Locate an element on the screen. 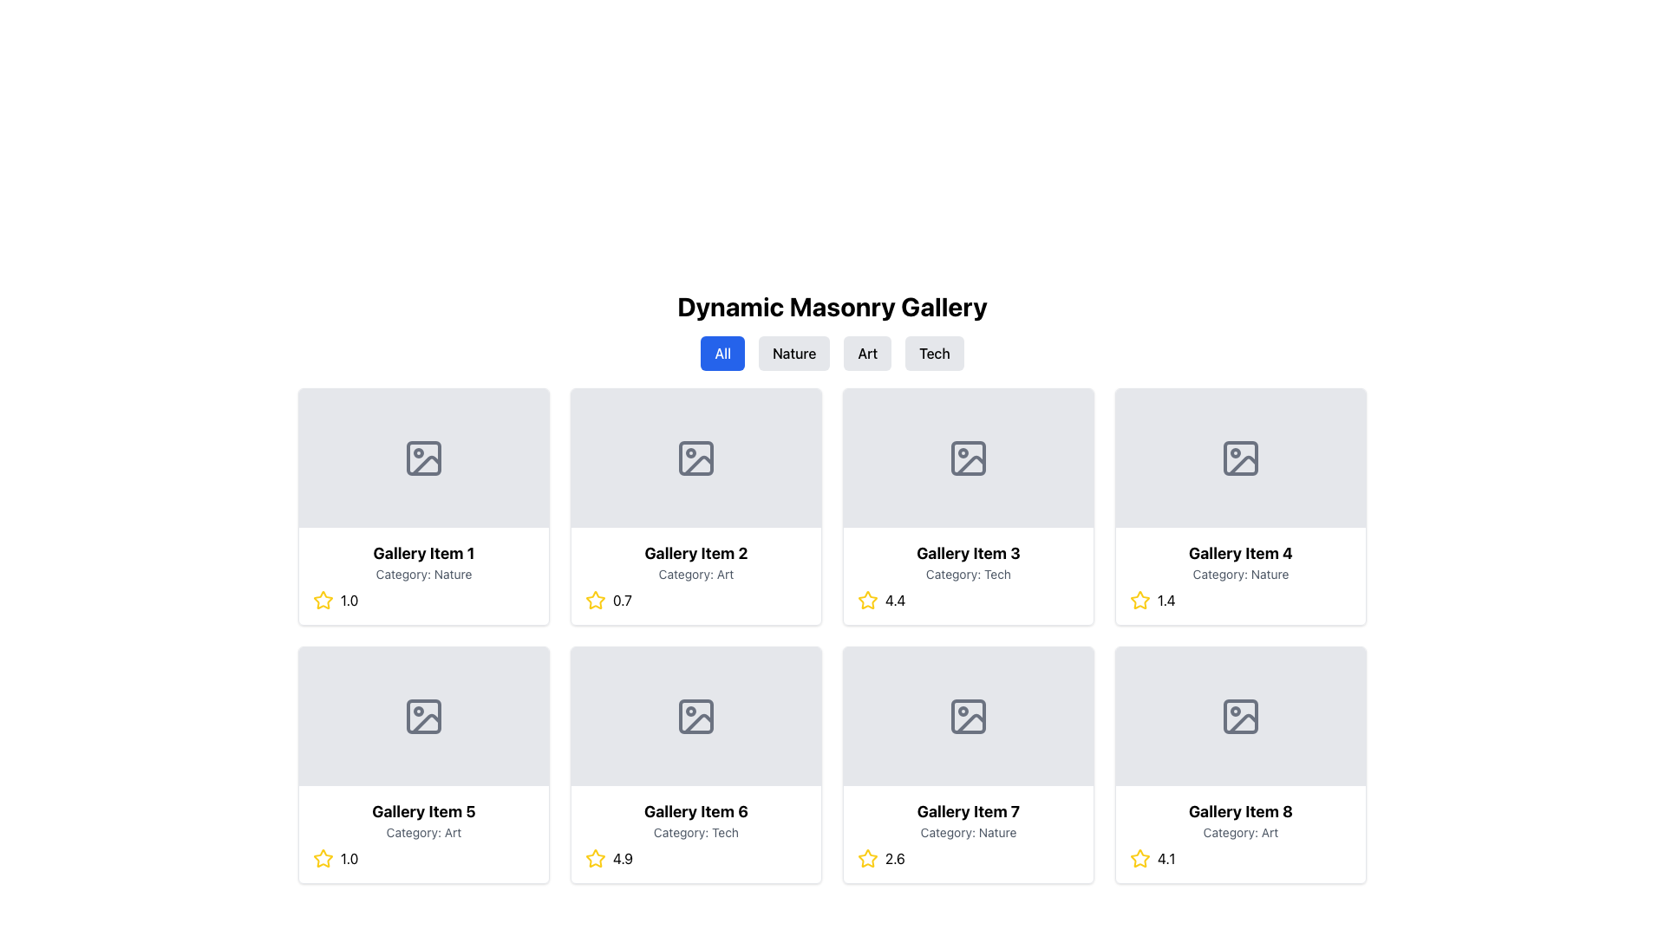 The image size is (1665, 936). the rating display component for 'Gallery Item 5', which visually represents the rating score and is located in the bottom left area of the card beneath the 'Category: Art' description is located at coordinates (424, 859).